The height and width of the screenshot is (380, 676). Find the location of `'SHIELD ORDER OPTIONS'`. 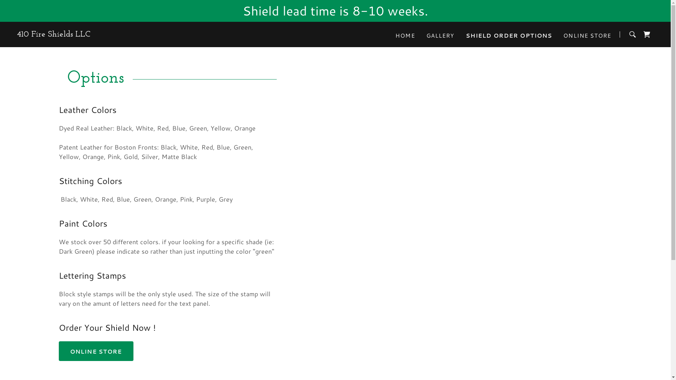

'SHIELD ORDER OPTIONS' is located at coordinates (509, 35).